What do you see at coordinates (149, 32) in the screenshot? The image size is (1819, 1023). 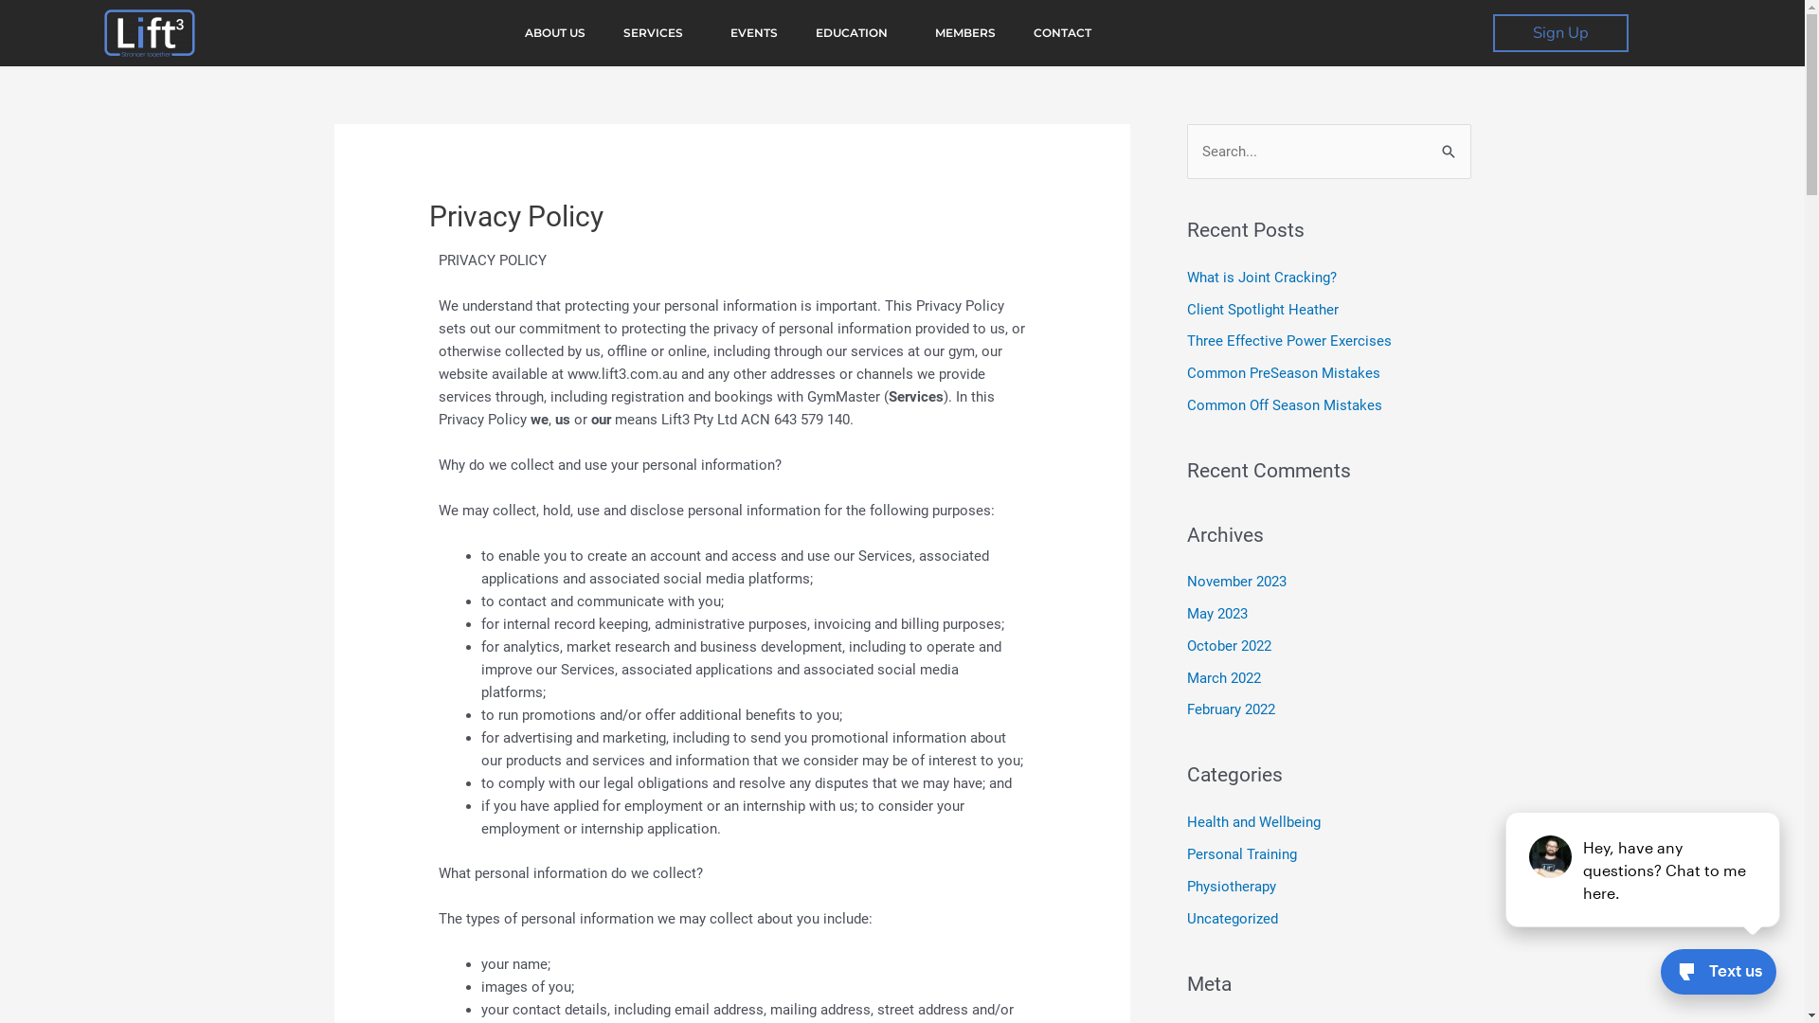 I see `'cropped-Lift3.png'` at bounding box center [149, 32].